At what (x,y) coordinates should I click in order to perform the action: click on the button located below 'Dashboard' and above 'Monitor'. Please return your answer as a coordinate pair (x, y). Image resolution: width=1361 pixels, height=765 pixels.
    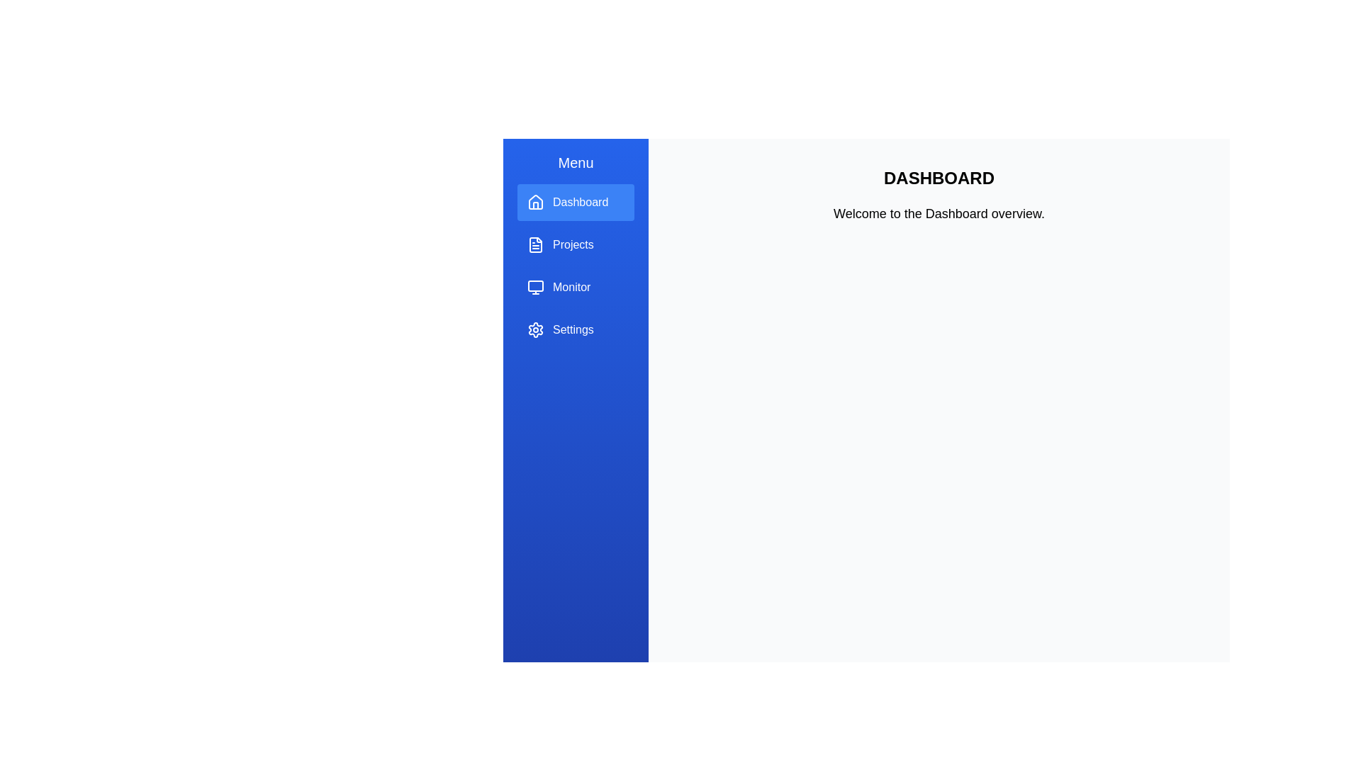
    Looking at the image, I should click on (576, 266).